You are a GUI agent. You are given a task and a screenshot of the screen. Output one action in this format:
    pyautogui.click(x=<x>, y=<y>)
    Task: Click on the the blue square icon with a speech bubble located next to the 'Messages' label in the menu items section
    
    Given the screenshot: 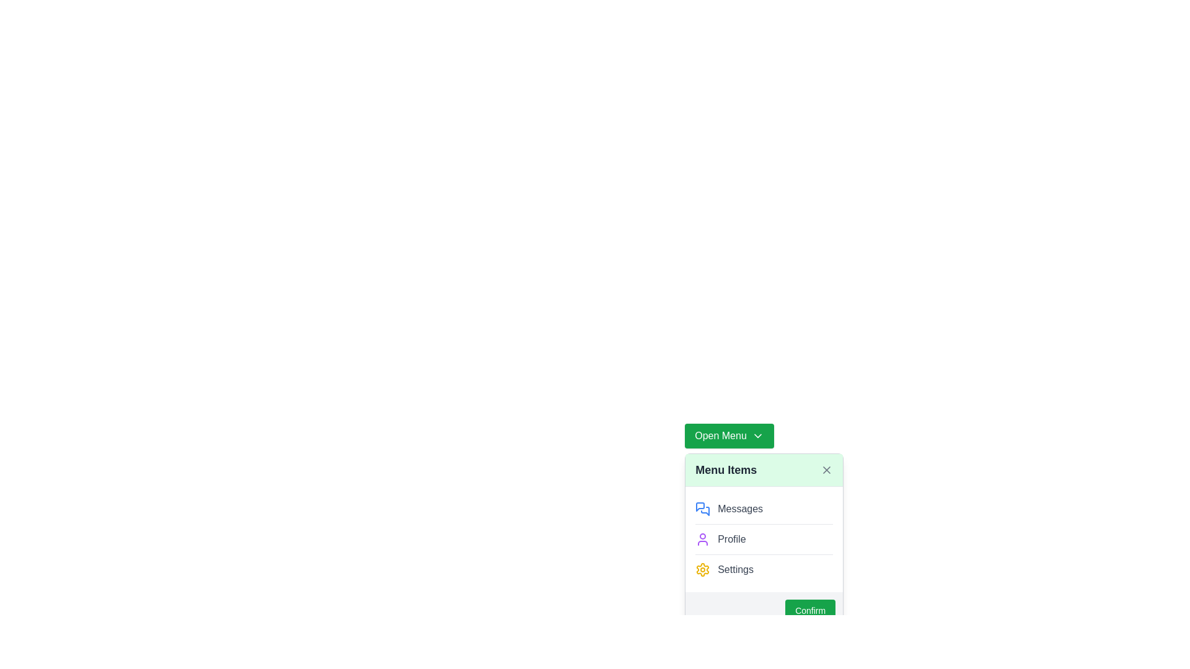 What is the action you would take?
    pyautogui.click(x=700, y=507)
    